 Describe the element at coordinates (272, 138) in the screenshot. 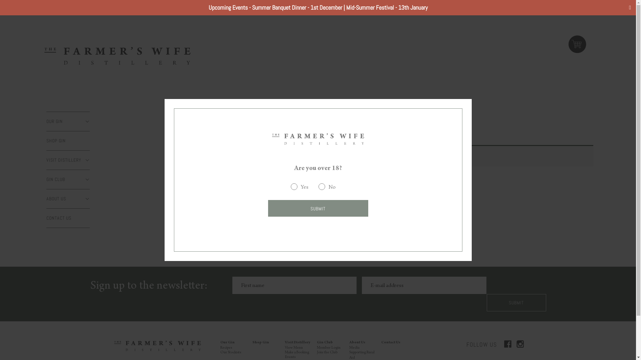

I see `'The Farmer's Wife Distillery'` at that location.